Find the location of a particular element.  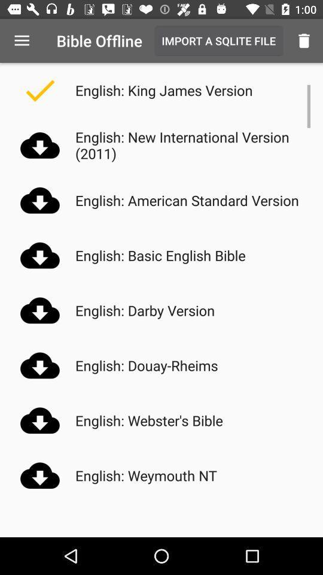

the item next to the import a sqlite icon is located at coordinates (304, 41).